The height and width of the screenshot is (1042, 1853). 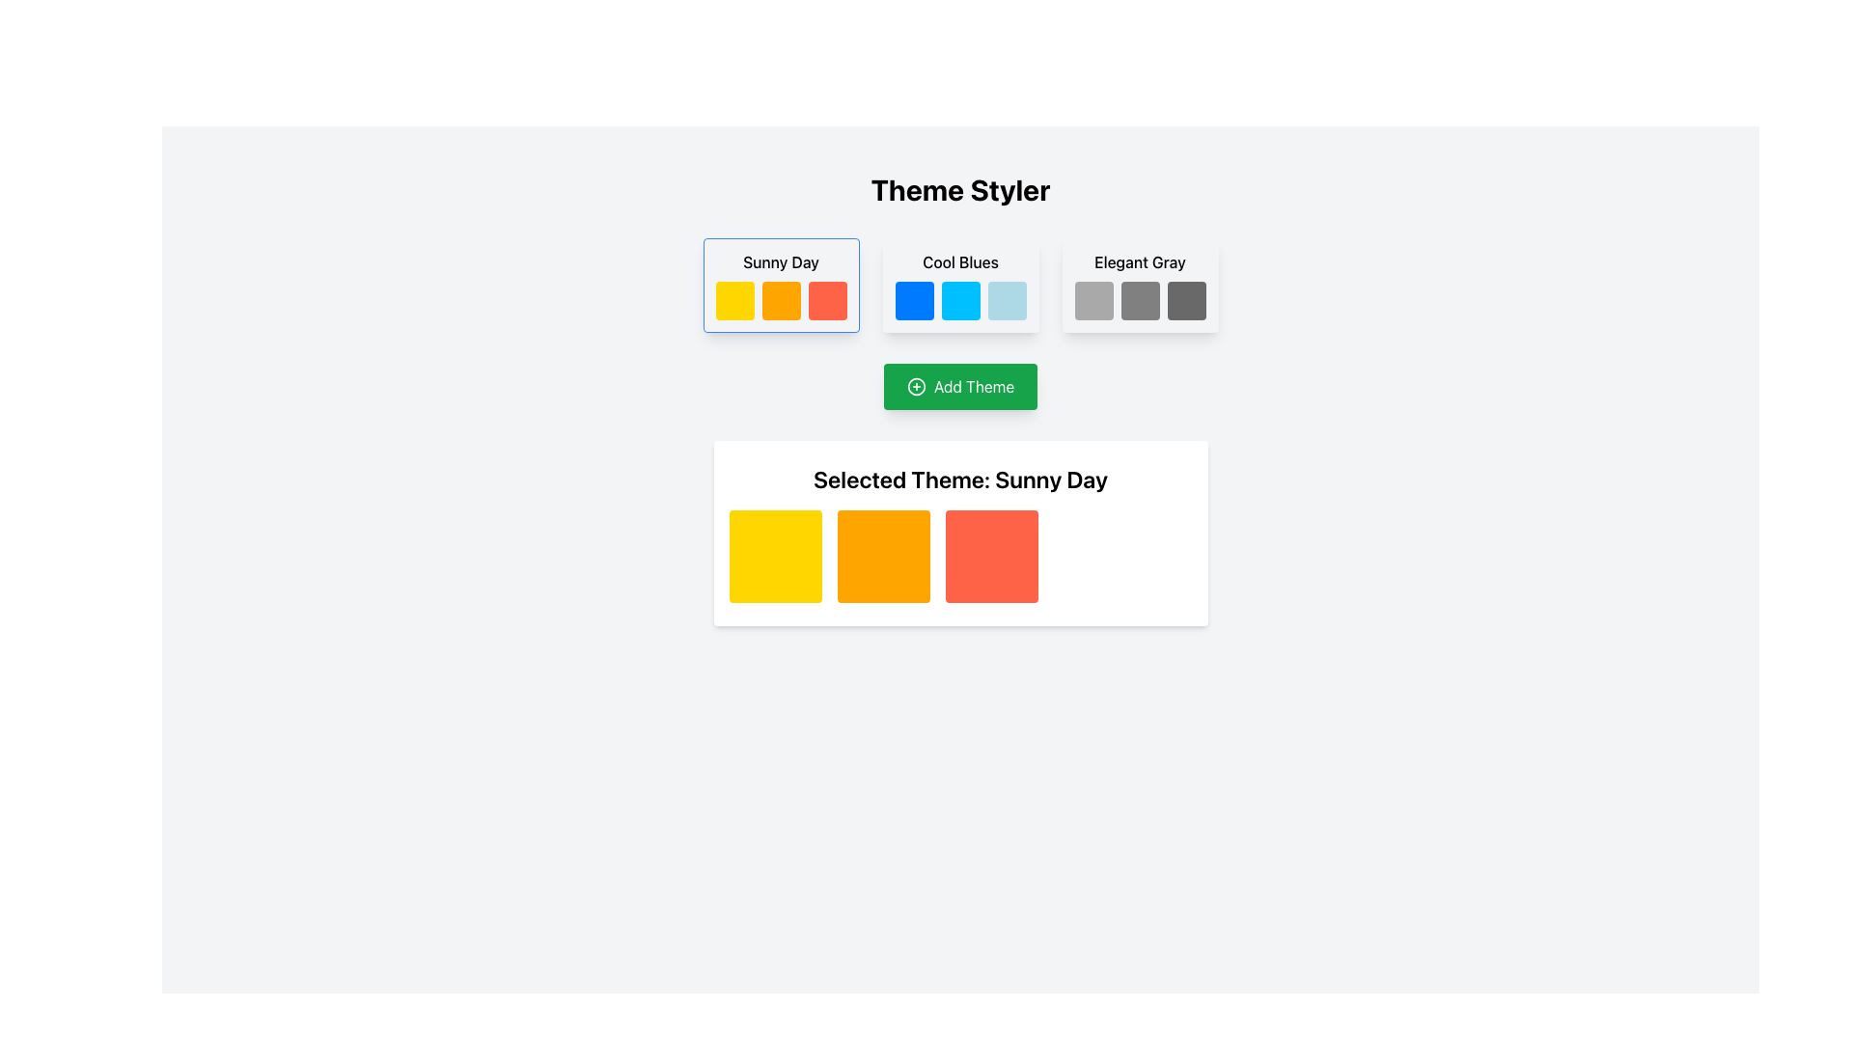 I want to click on the third square component, so click(x=991, y=557).